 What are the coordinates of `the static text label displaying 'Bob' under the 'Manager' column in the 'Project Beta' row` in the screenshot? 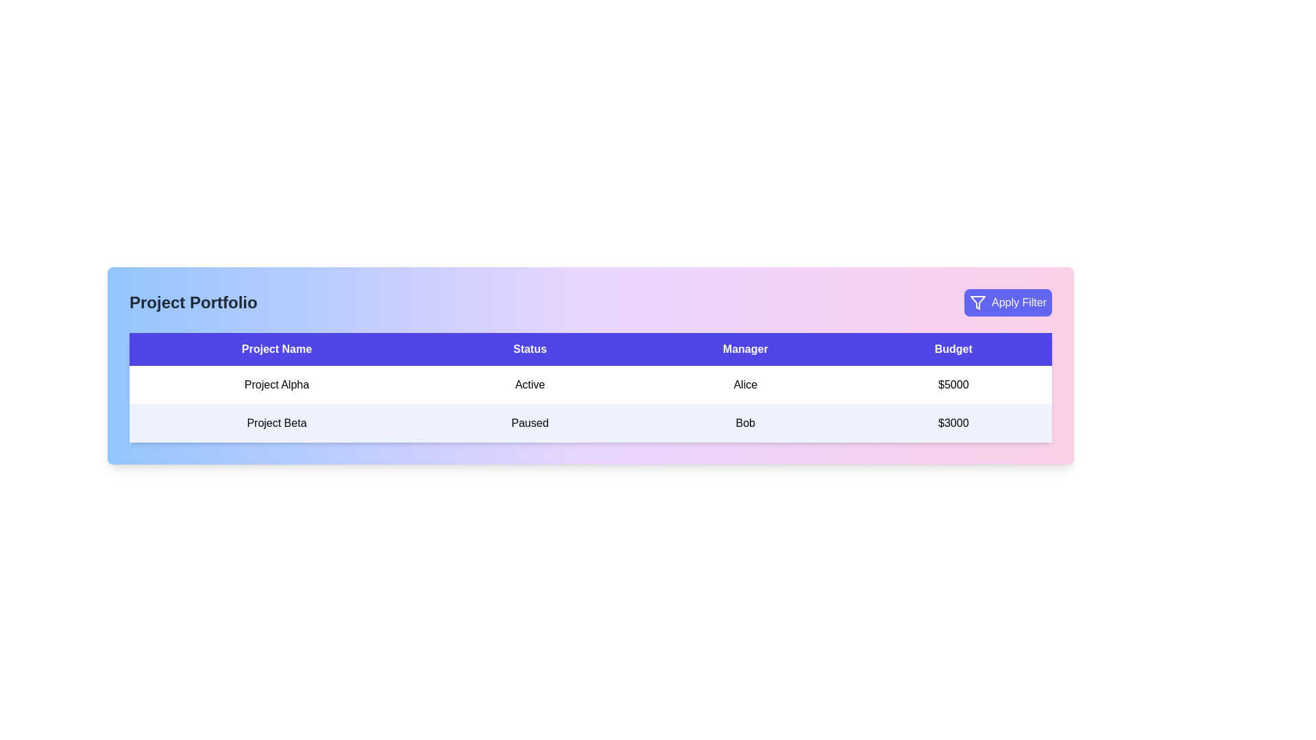 It's located at (744, 422).